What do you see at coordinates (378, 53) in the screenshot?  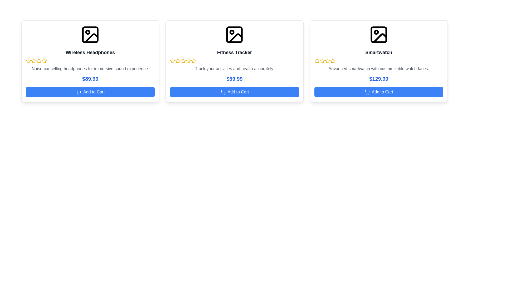 I see `the 'Smartwatch' title text label located in the top section of the rightmost product card in the ecommerce display` at bounding box center [378, 53].